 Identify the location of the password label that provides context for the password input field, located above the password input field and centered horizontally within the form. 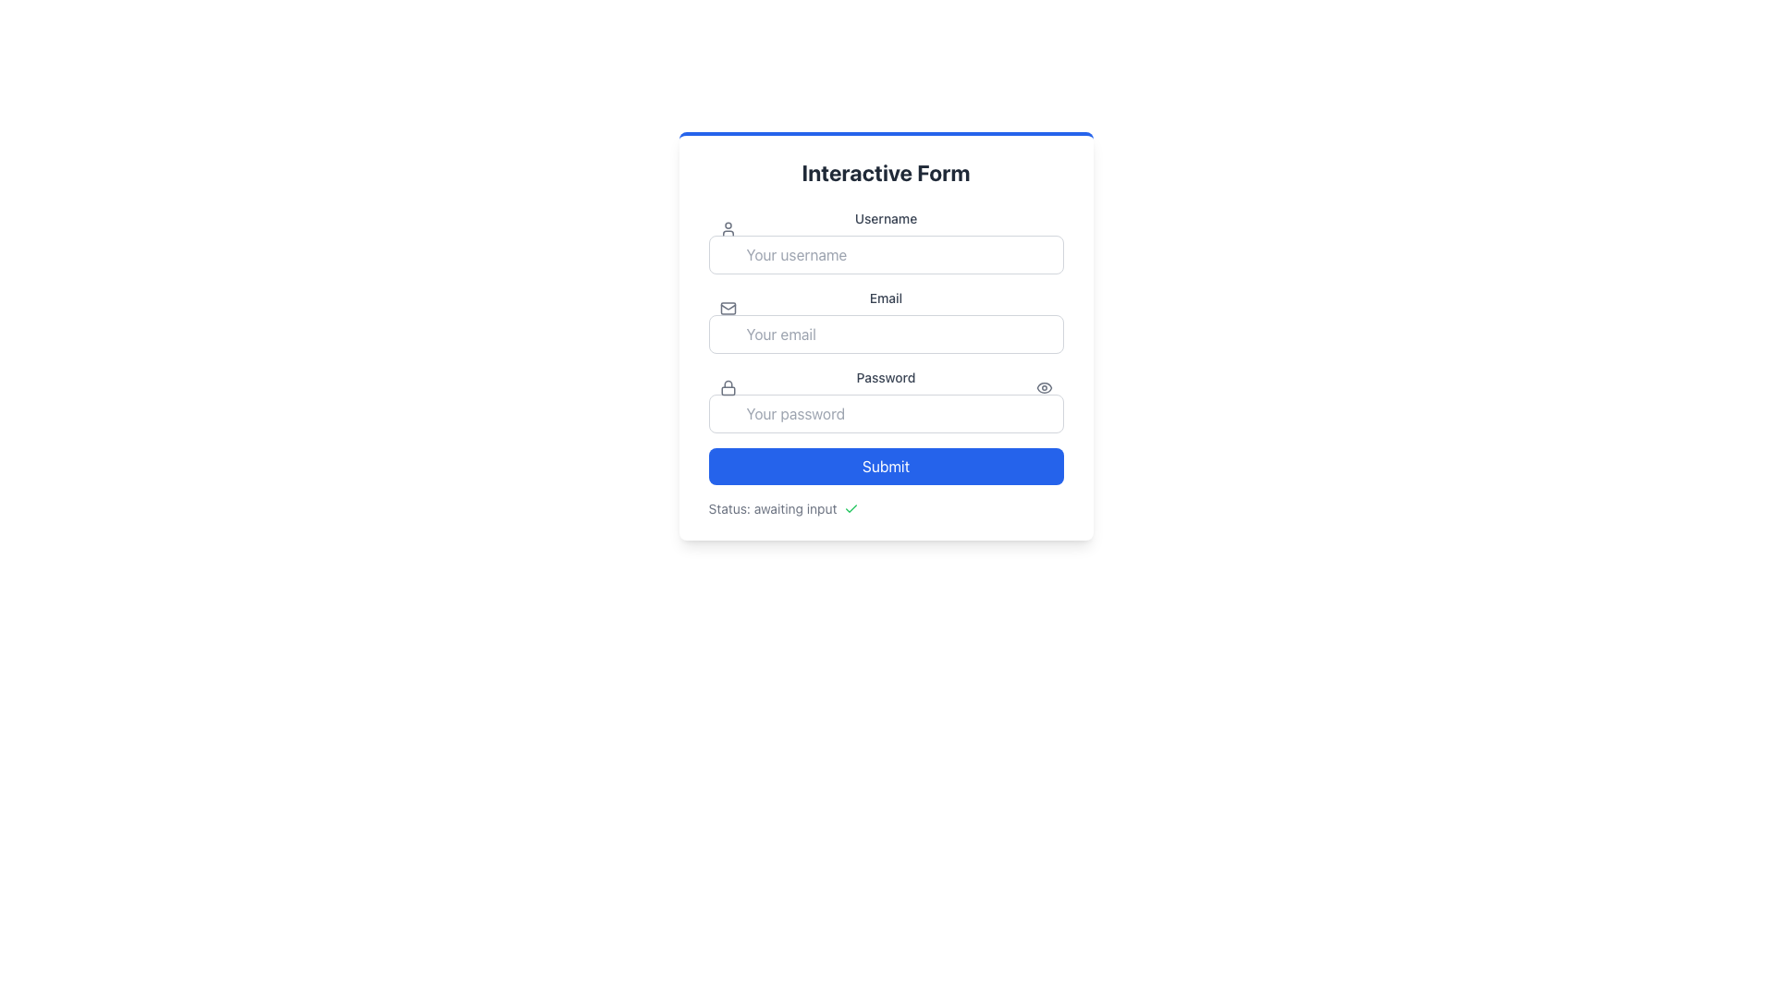
(885, 376).